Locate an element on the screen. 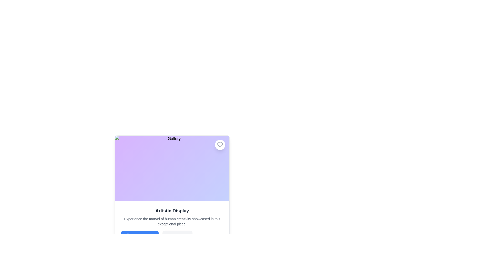 This screenshot has height=276, width=492. the heart-shaped icon with a hollow interior that has a light gray outline, located in the top-right section of a rectangular card on a purple gradient background is located at coordinates (220, 145).